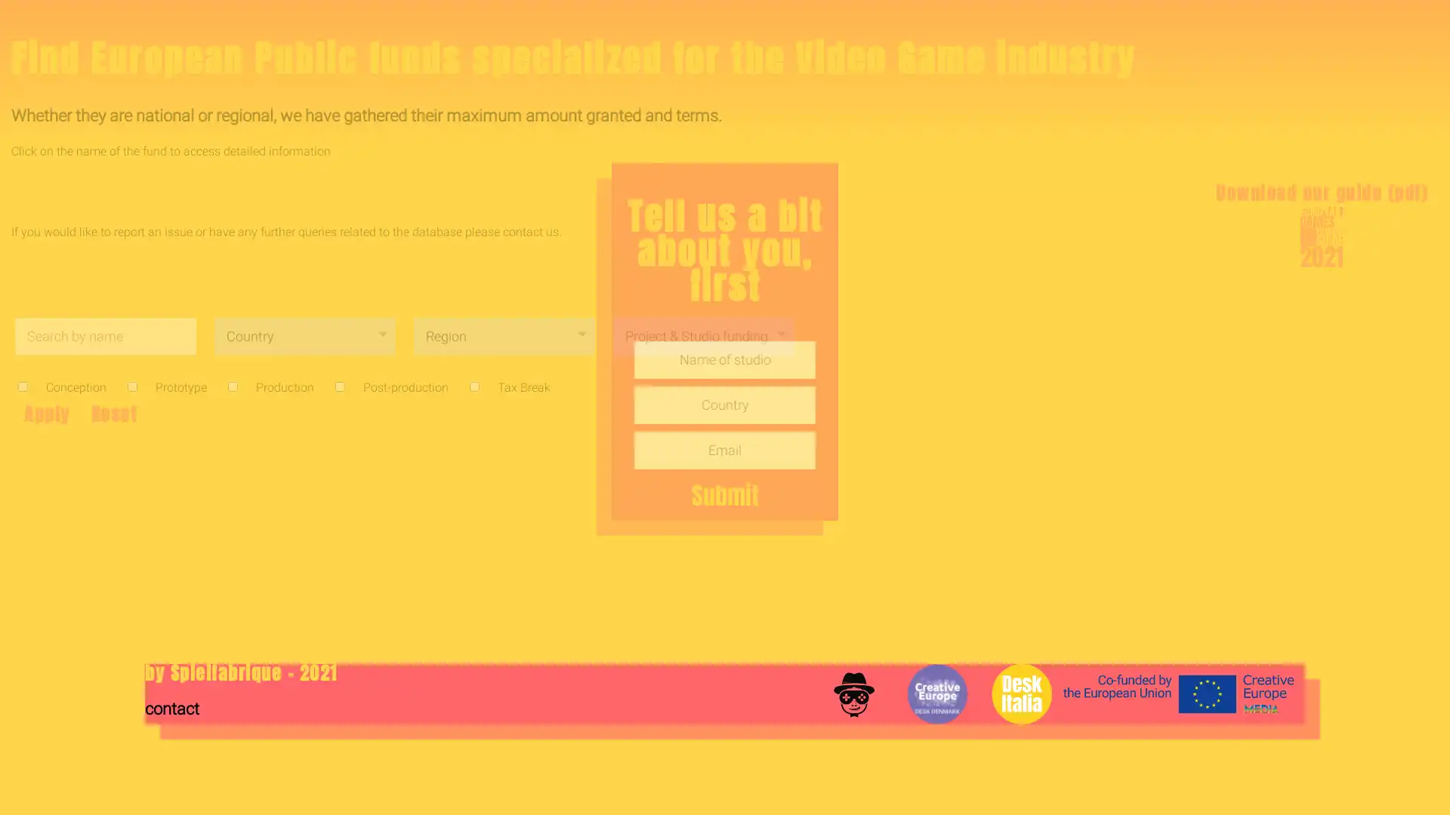 The image size is (1450, 815). Describe the element at coordinates (113, 414) in the screenshot. I see `Reset` at that location.